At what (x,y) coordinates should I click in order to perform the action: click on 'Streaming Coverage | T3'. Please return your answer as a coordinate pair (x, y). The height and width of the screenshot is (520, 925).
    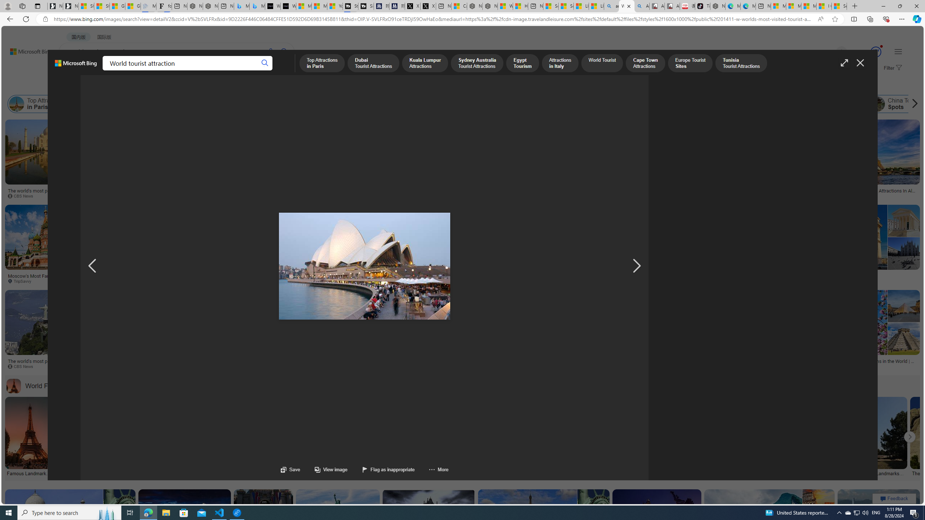
    Looking at the image, I should click on (350, 6).